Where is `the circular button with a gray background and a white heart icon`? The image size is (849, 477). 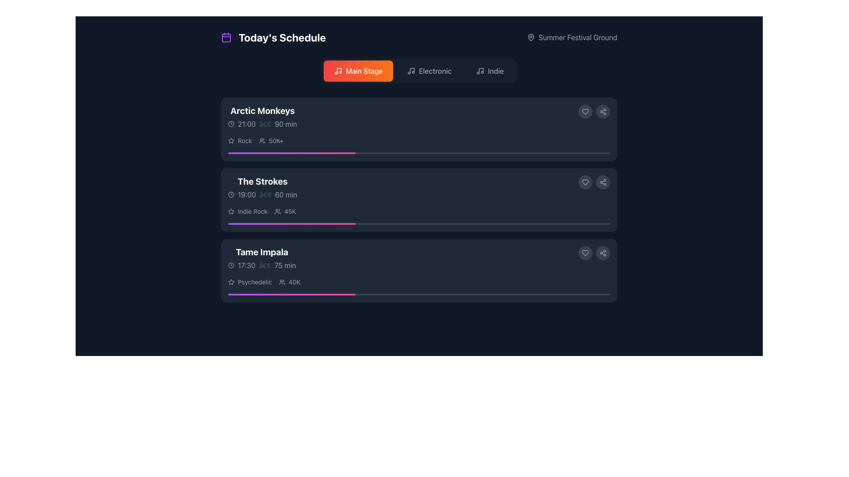
the circular button with a gray background and a white heart icon is located at coordinates (585, 253).